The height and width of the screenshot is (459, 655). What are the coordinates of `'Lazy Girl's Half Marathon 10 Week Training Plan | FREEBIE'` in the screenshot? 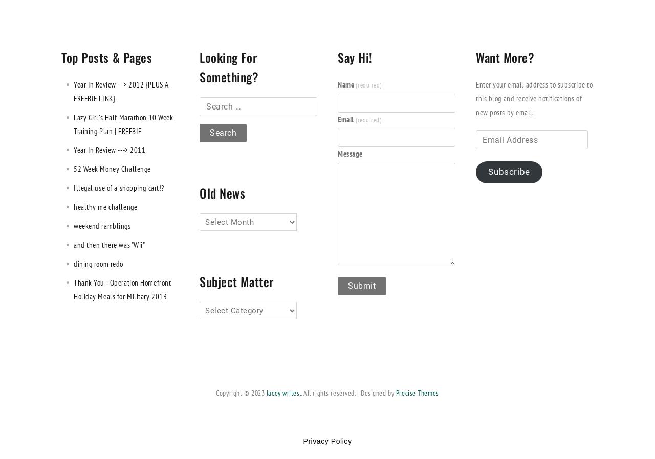 It's located at (123, 123).